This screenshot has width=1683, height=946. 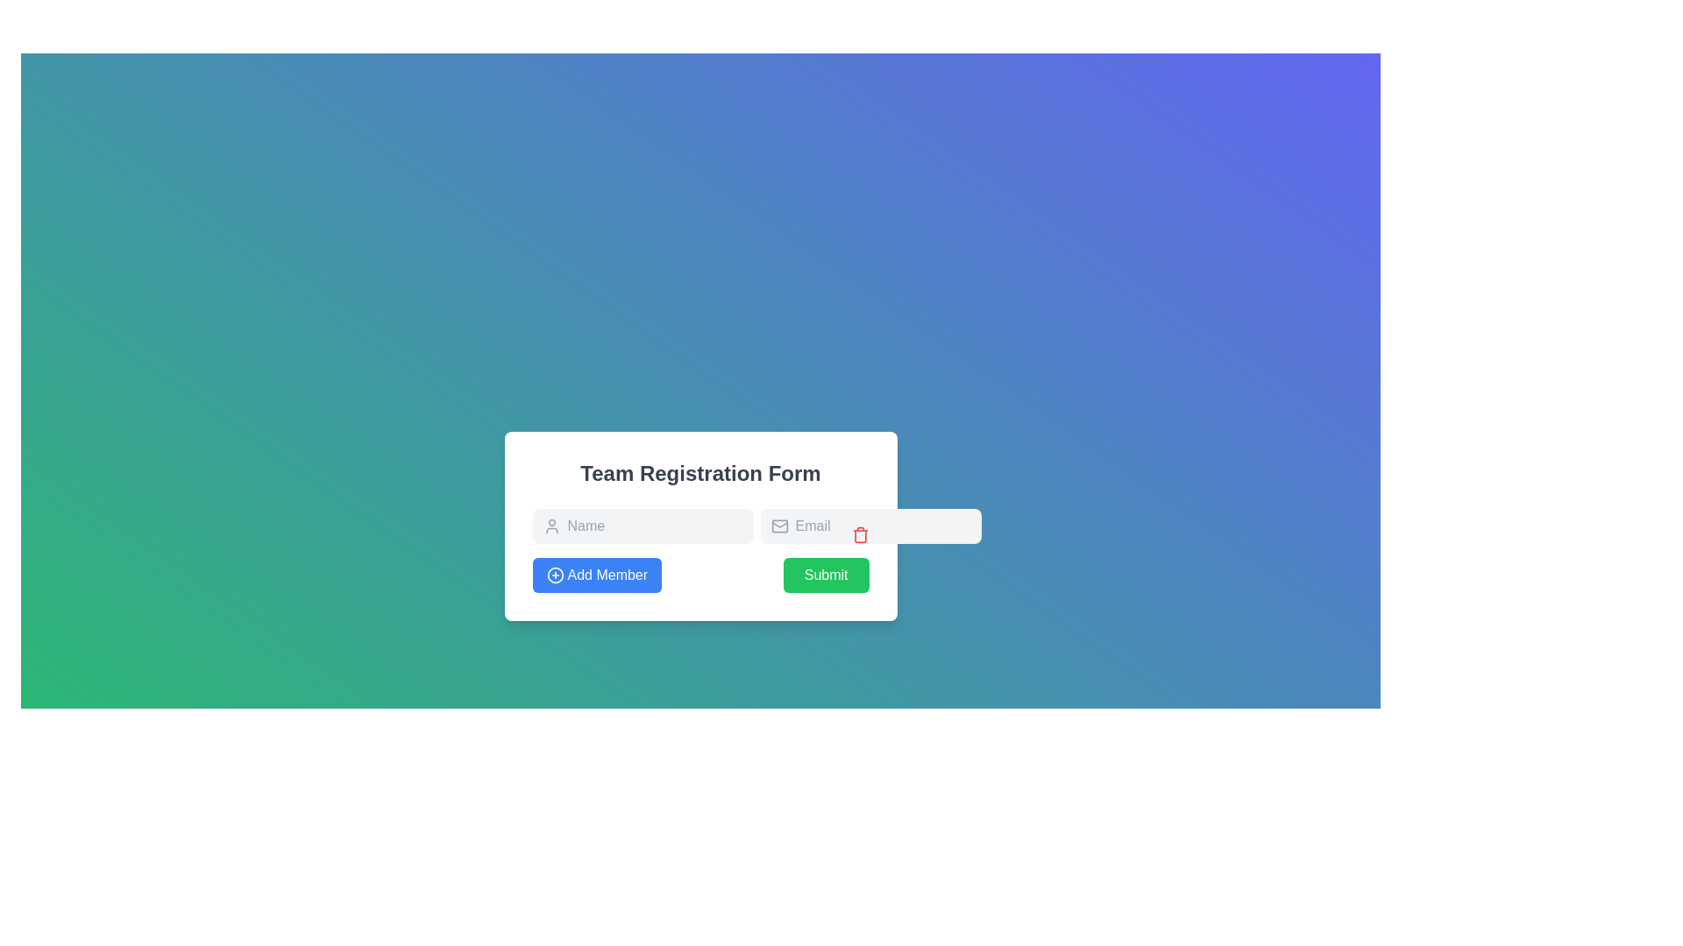 What do you see at coordinates (597, 575) in the screenshot?
I see `the 'Add Member' button, which is a blue rectangular button with white text and a '+' icon, located below the input fields of the 'Team Registration Form'` at bounding box center [597, 575].